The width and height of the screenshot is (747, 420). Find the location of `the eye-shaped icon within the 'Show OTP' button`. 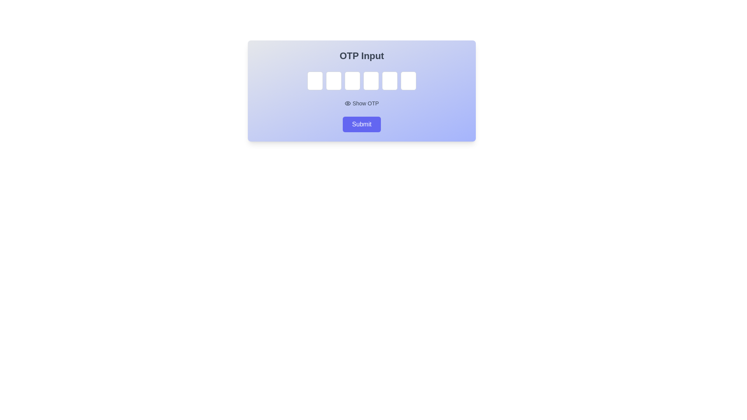

the eye-shaped icon within the 'Show OTP' button is located at coordinates (347, 103).